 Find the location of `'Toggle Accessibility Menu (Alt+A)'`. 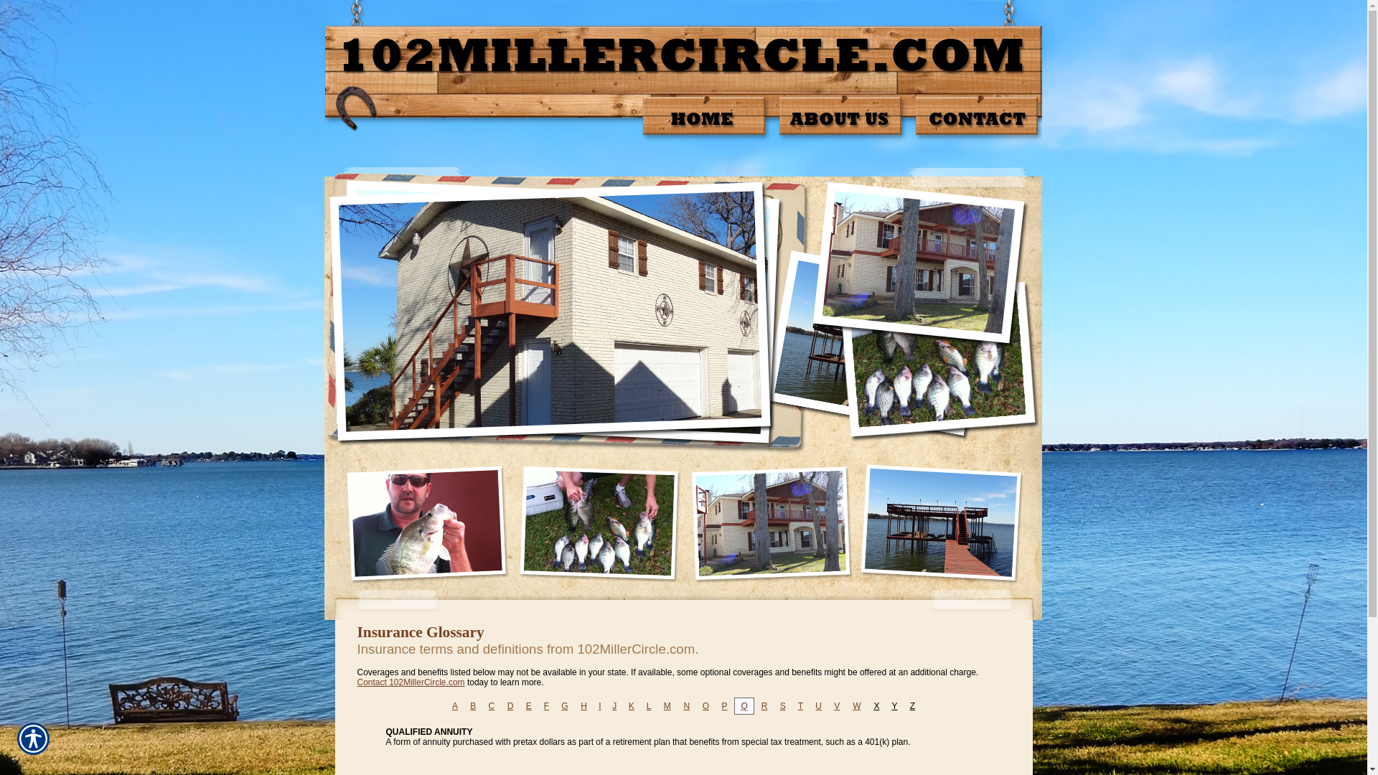

'Toggle Accessibility Menu (Alt+A)' is located at coordinates (33, 738).